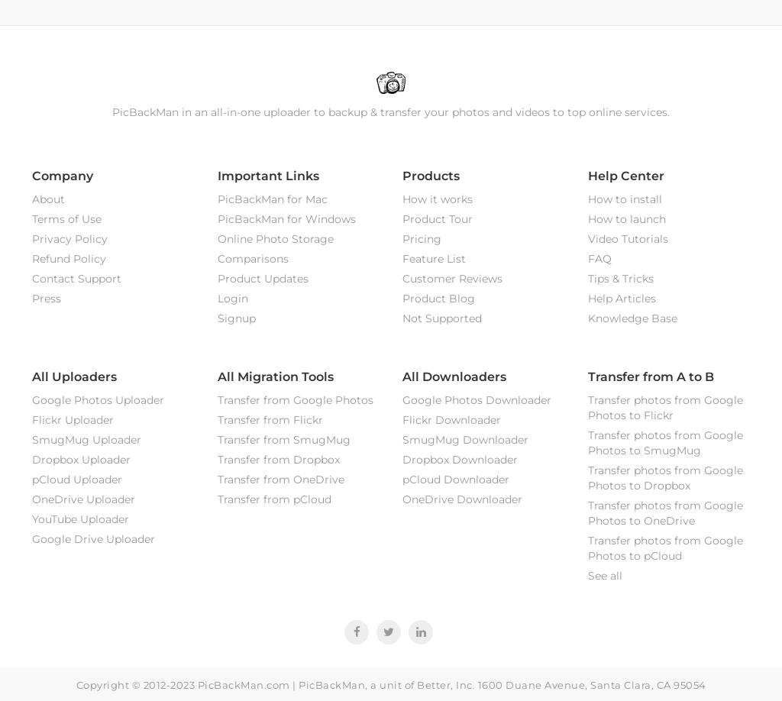 This screenshot has width=782, height=701. Describe the element at coordinates (235, 317) in the screenshot. I see `'Signup'` at that location.